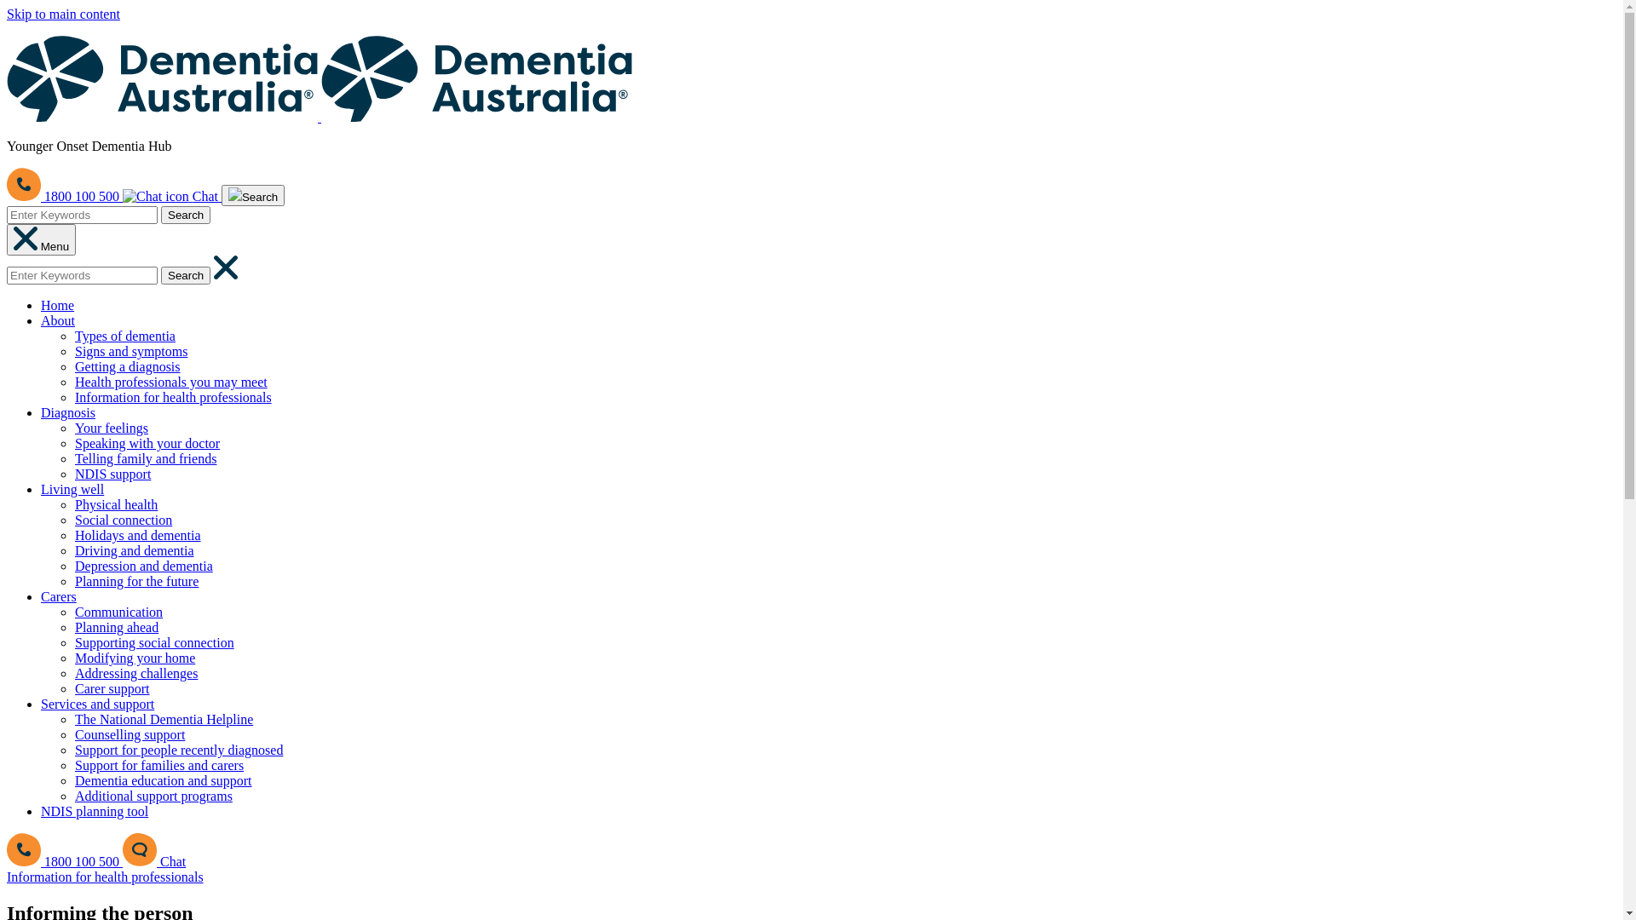 This screenshot has height=920, width=1636. Describe the element at coordinates (171, 195) in the screenshot. I see `'Chat'` at that location.